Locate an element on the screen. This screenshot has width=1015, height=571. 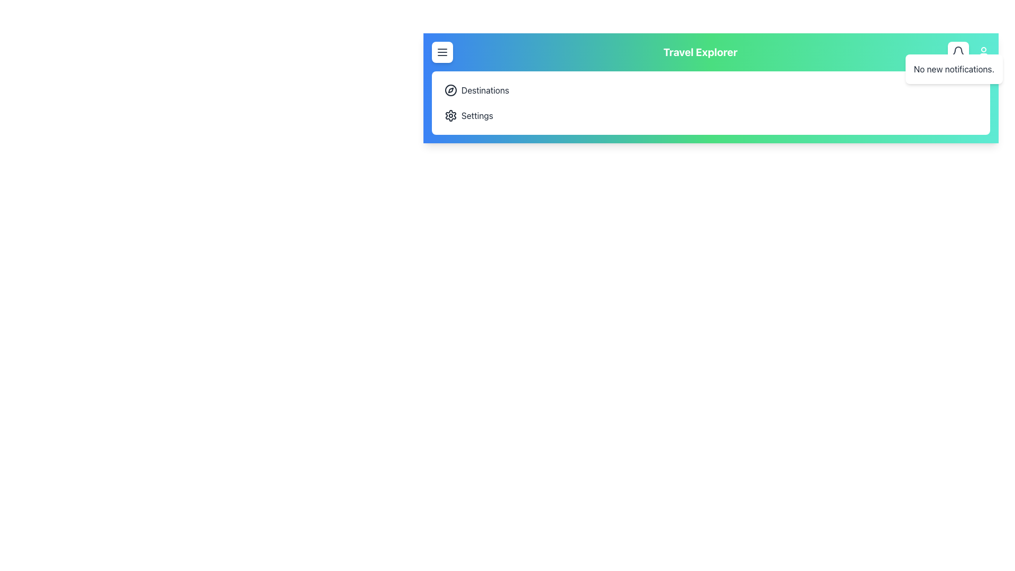
the settings icon located to the left of the 'Settings' label in the vertical menu is located at coordinates (451, 116).